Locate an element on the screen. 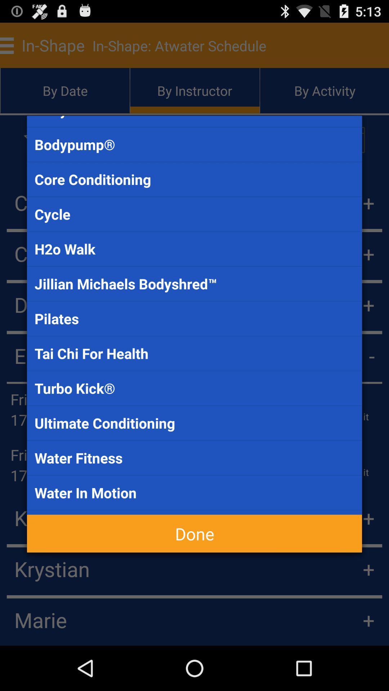 The width and height of the screenshot is (389, 691). the core conditioning icon is located at coordinates (194, 179).